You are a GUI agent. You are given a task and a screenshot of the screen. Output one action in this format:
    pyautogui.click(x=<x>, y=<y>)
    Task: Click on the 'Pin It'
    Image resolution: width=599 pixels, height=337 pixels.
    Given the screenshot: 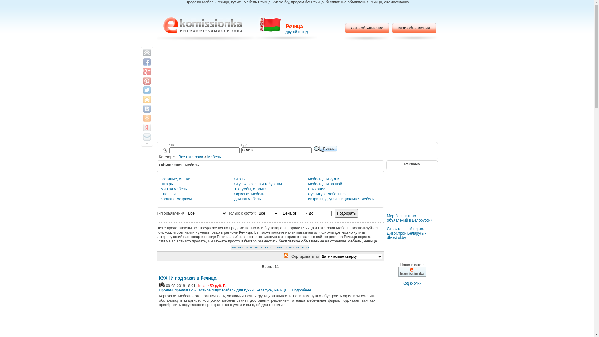 What is the action you would take?
    pyautogui.click(x=146, y=80)
    